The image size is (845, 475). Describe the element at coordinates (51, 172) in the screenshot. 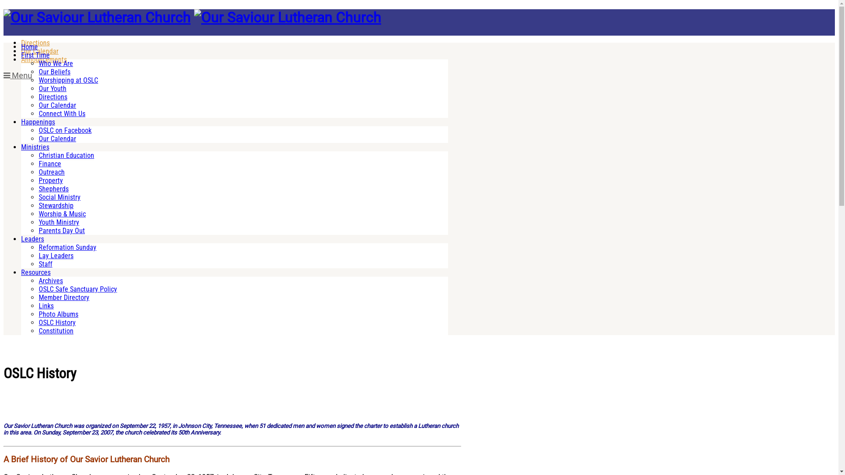

I see `'Outreach'` at that location.